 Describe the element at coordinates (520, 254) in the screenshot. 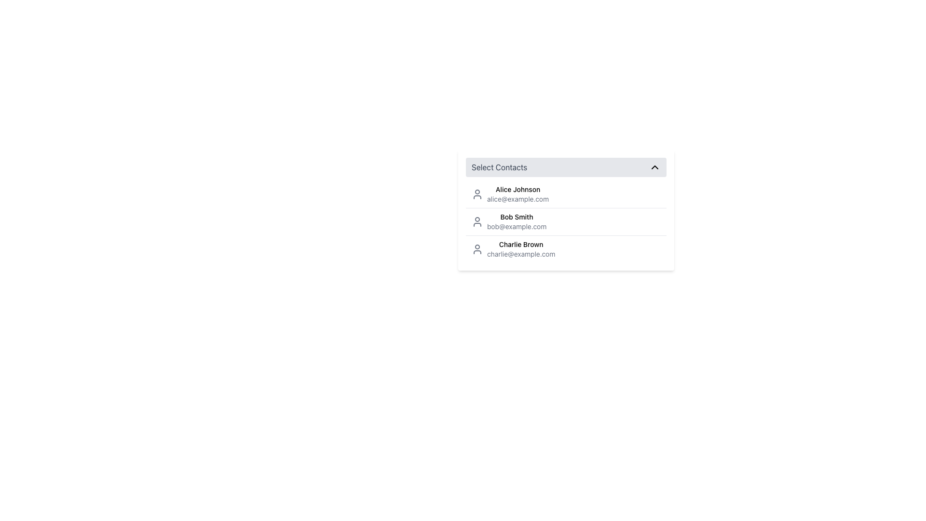

I see `the text display element that shows the email address 'charlie@example.com', located below the contact name 'Charlie Brown' in the contact selection list` at that location.